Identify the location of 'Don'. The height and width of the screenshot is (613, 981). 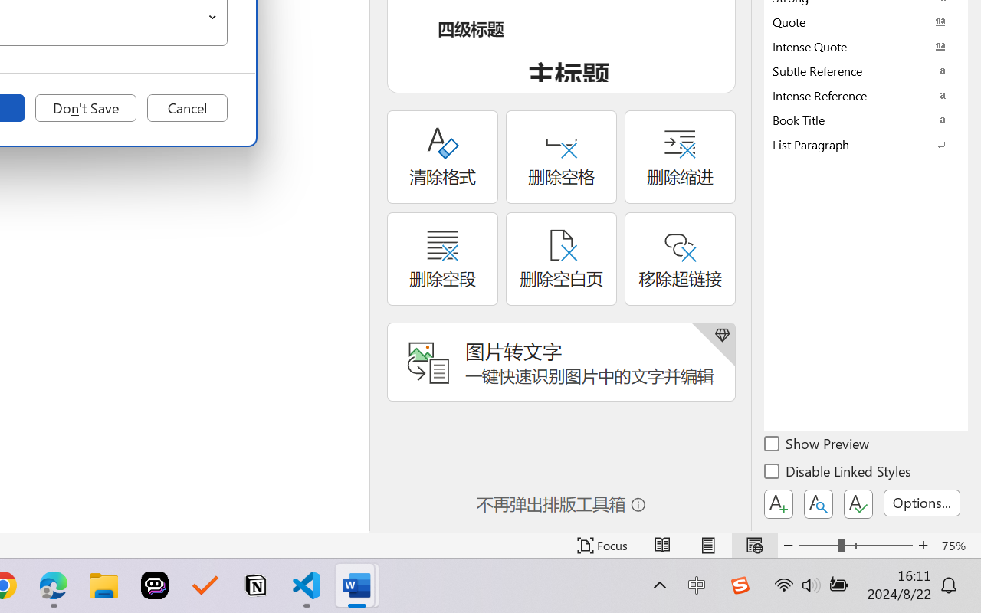
(85, 108).